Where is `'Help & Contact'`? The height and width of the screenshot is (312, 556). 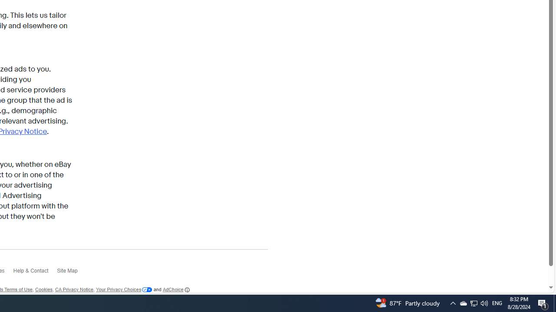 'Help & Contact' is located at coordinates (35, 272).